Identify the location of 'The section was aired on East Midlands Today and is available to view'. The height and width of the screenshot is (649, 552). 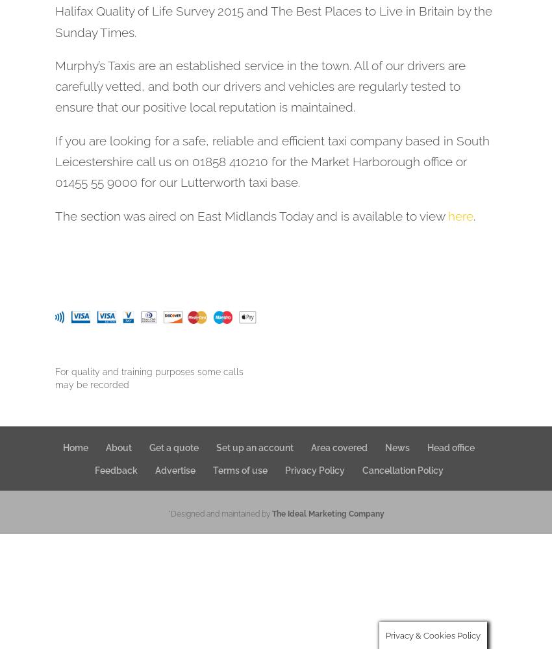
(251, 215).